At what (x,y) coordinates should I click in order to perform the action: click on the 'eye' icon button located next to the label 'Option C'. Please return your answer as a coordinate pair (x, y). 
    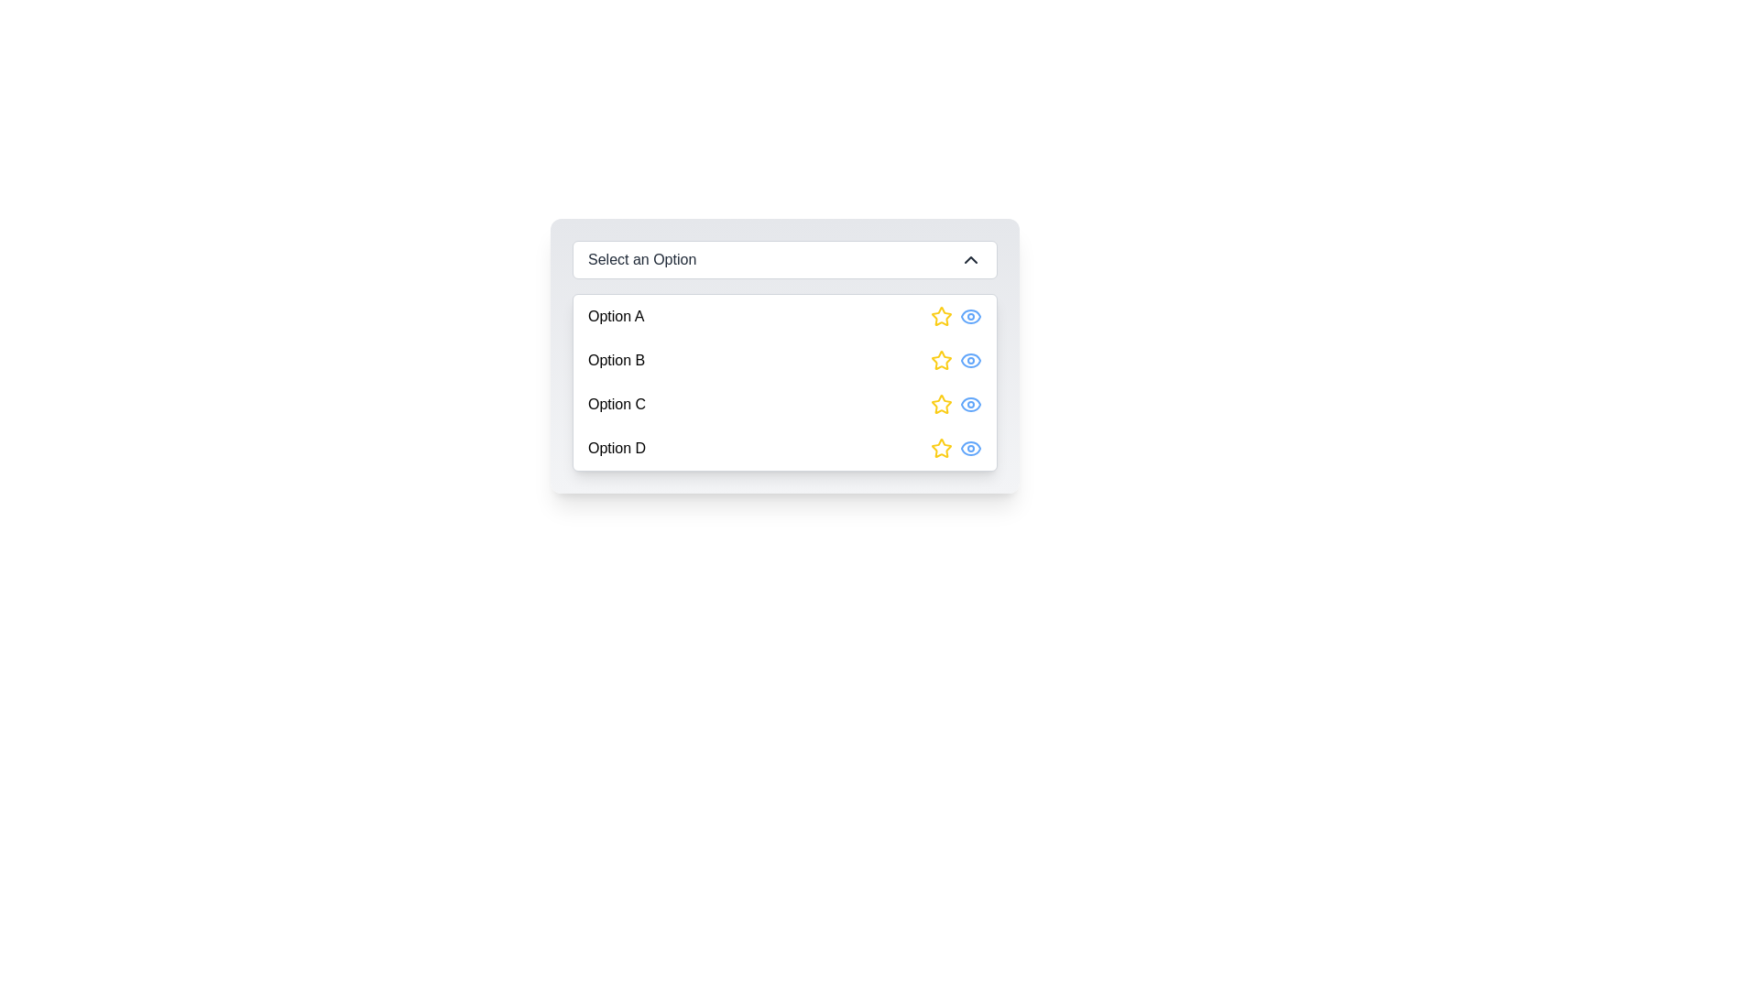
    Looking at the image, I should click on (970, 404).